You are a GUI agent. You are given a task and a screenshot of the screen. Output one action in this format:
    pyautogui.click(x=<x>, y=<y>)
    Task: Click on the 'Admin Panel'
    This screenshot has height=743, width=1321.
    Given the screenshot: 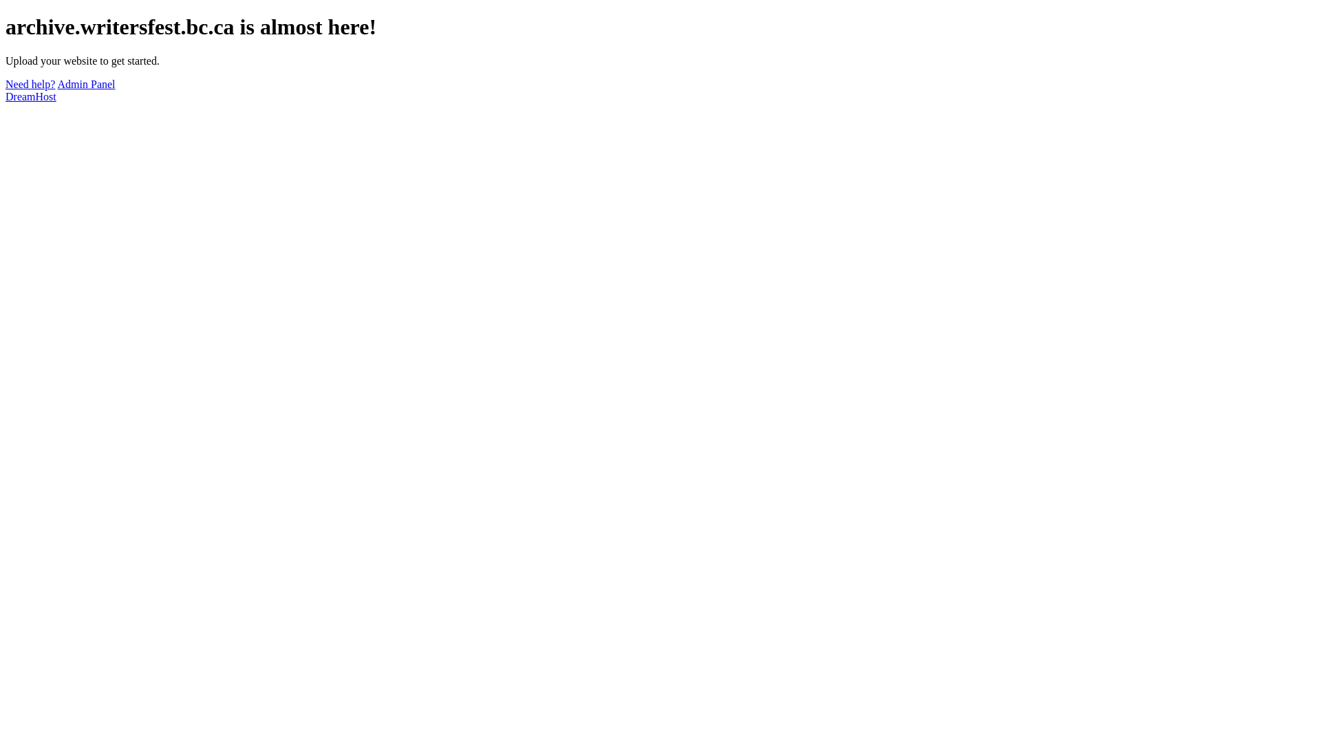 What is the action you would take?
    pyautogui.click(x=85, y=84)
    